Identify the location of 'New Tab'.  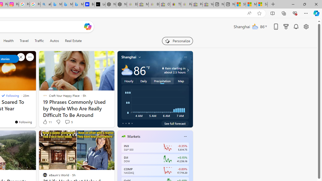
(273, 4).